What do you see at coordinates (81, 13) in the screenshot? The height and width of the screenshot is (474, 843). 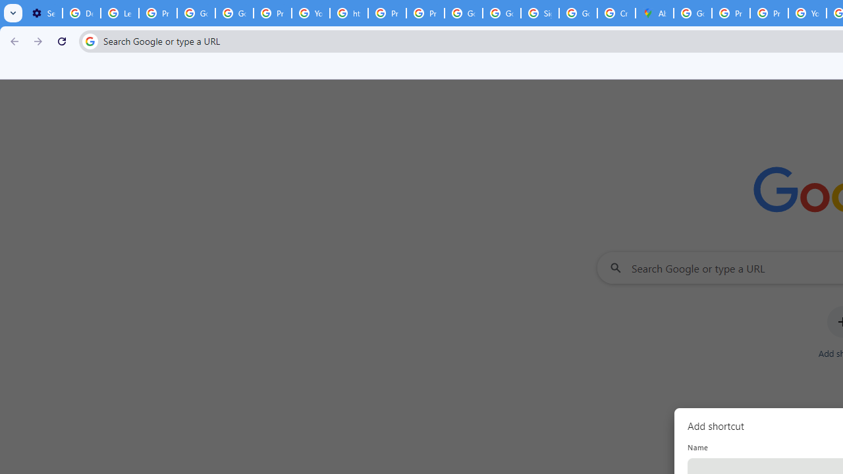 I see `'Delete photos & videos - Computer - Google Photos Help'` at bounding box center [81, 13].